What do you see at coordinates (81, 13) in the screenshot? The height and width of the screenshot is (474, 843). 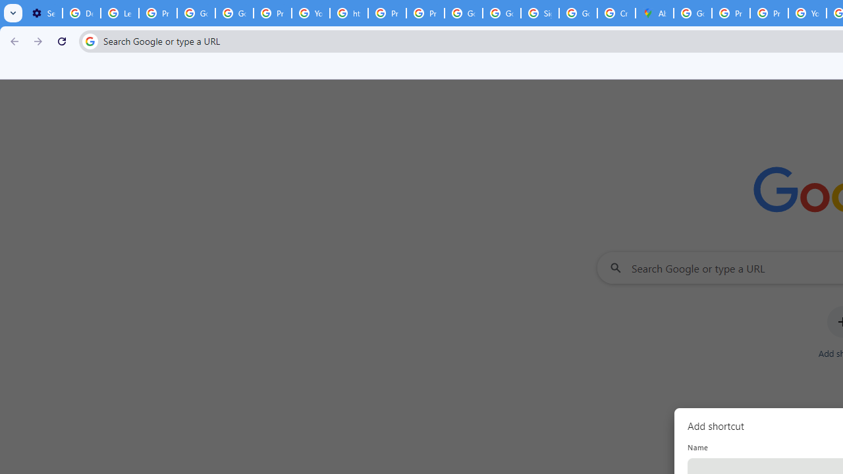 I see `'Delete photos & videos - Computer - Google Photos Help'` at bounding box center [81, 13].